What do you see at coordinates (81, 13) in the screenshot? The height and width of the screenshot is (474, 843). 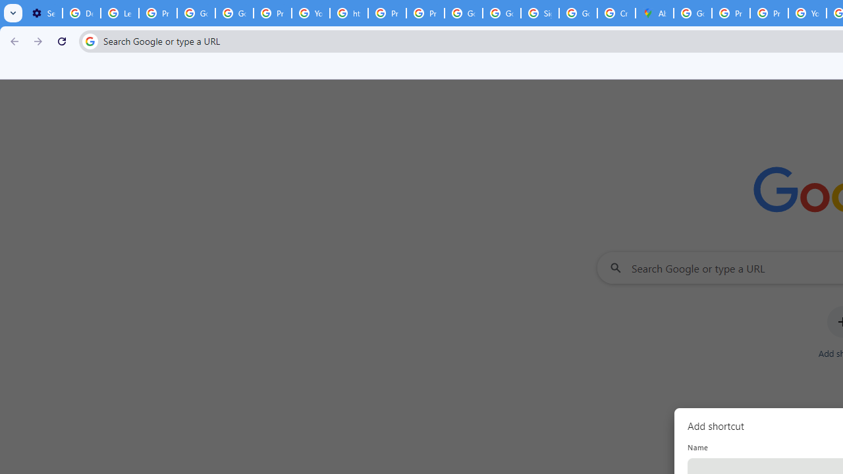 I see `'Delete photos & videos - Computer - Google Photos Help'` at bounding box center [81, 13].